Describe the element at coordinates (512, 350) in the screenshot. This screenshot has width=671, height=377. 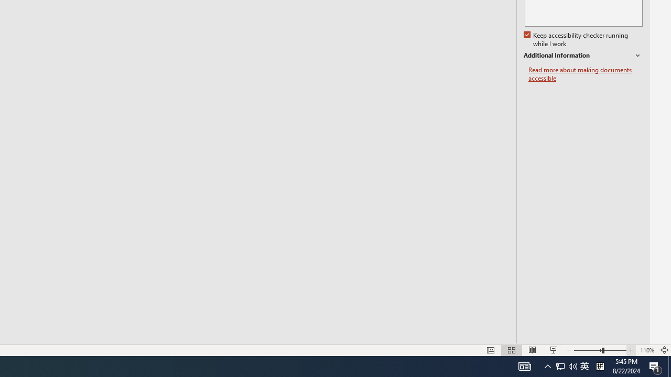
I see `'Slide Sorter'` at that location.